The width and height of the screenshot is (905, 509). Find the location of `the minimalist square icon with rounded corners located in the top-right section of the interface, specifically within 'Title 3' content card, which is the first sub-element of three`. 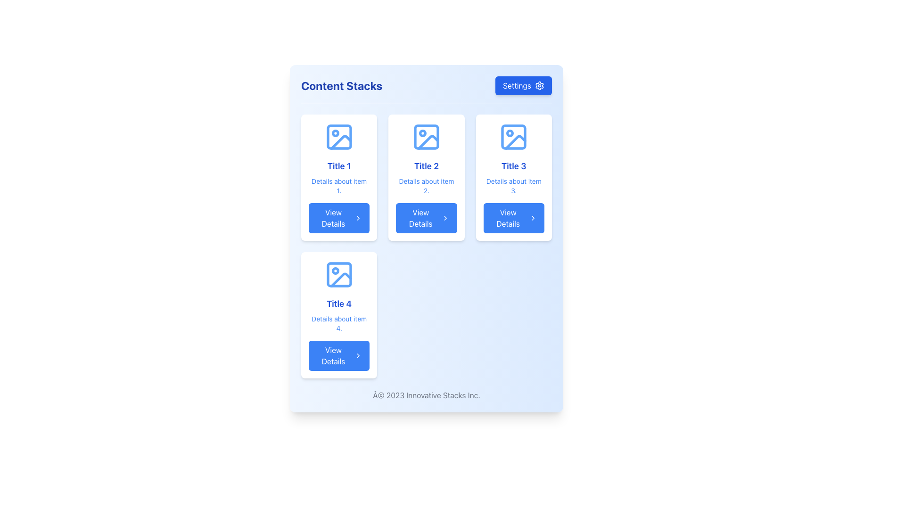

the minimalist square icon with rounded corners located in the top-right section of the interface, specifically within 'Title 3' content card, which is the first sub-element of three is located at coordinates (513, 137).